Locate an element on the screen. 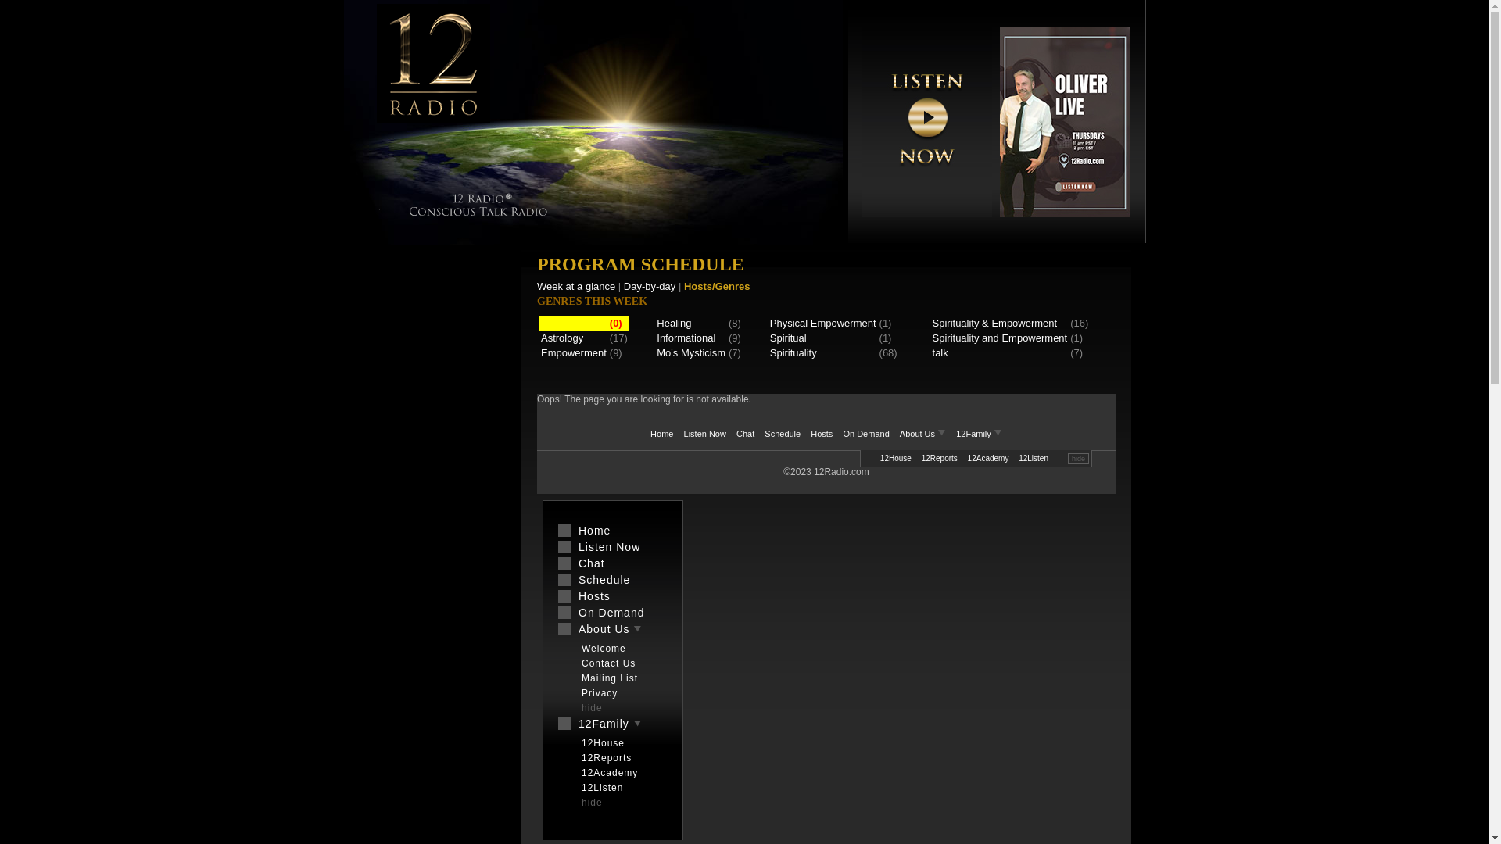  'Astrology' is located at coordinates (562, 337).